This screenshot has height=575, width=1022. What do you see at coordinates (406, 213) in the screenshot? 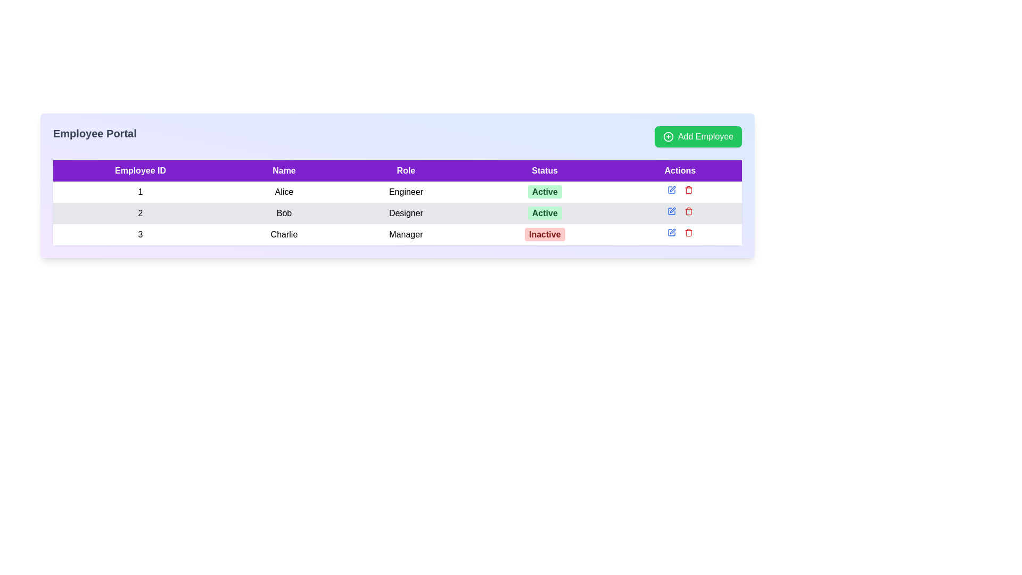
I see `the static text label displaying the job role or title of the individual in the second row and third column of the table, which is adjacent to 'Bob' on the left and 'Active' on the right` at bounding box center [406, 213].